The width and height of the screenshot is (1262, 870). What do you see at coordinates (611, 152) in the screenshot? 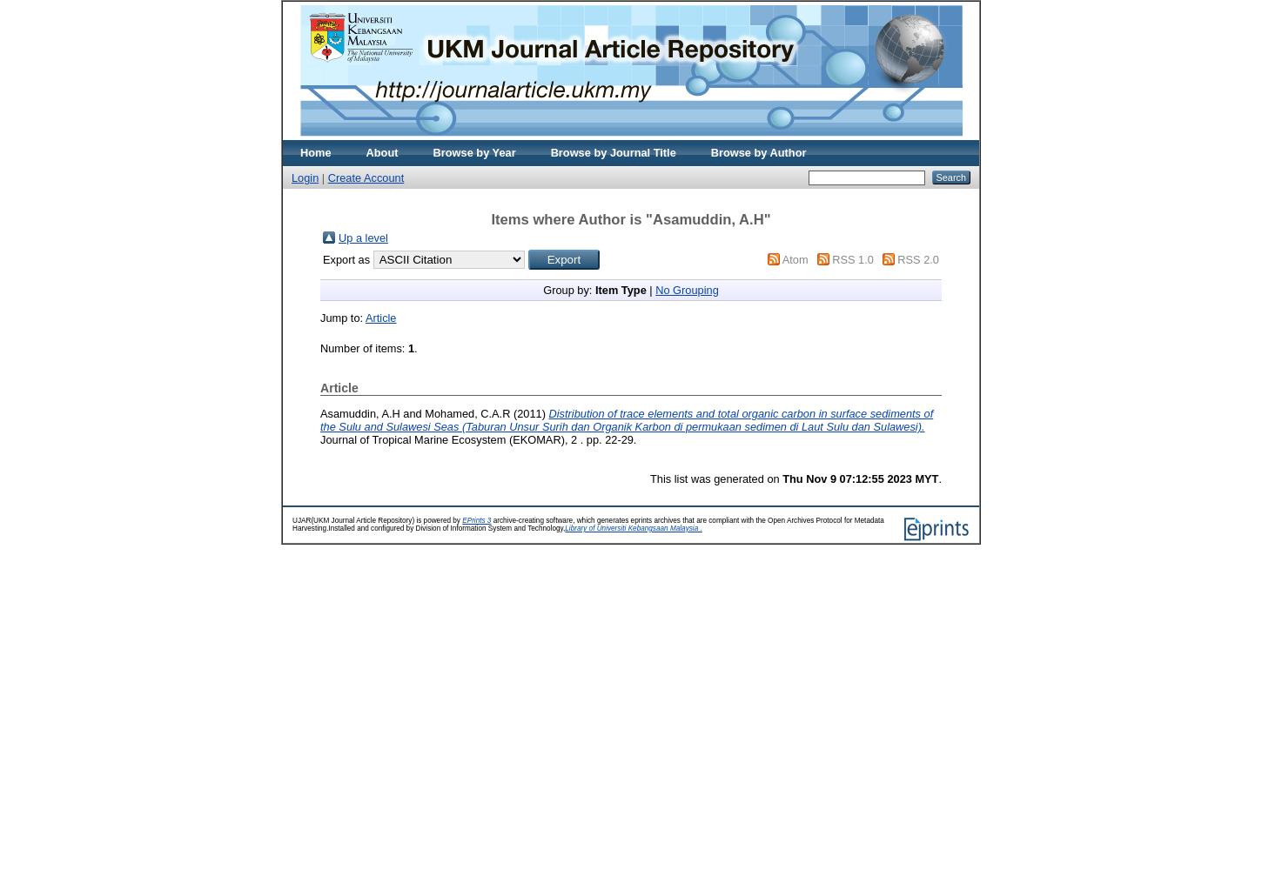
I see `'Browse by Journal Title'` at bounding box center [611, 152].